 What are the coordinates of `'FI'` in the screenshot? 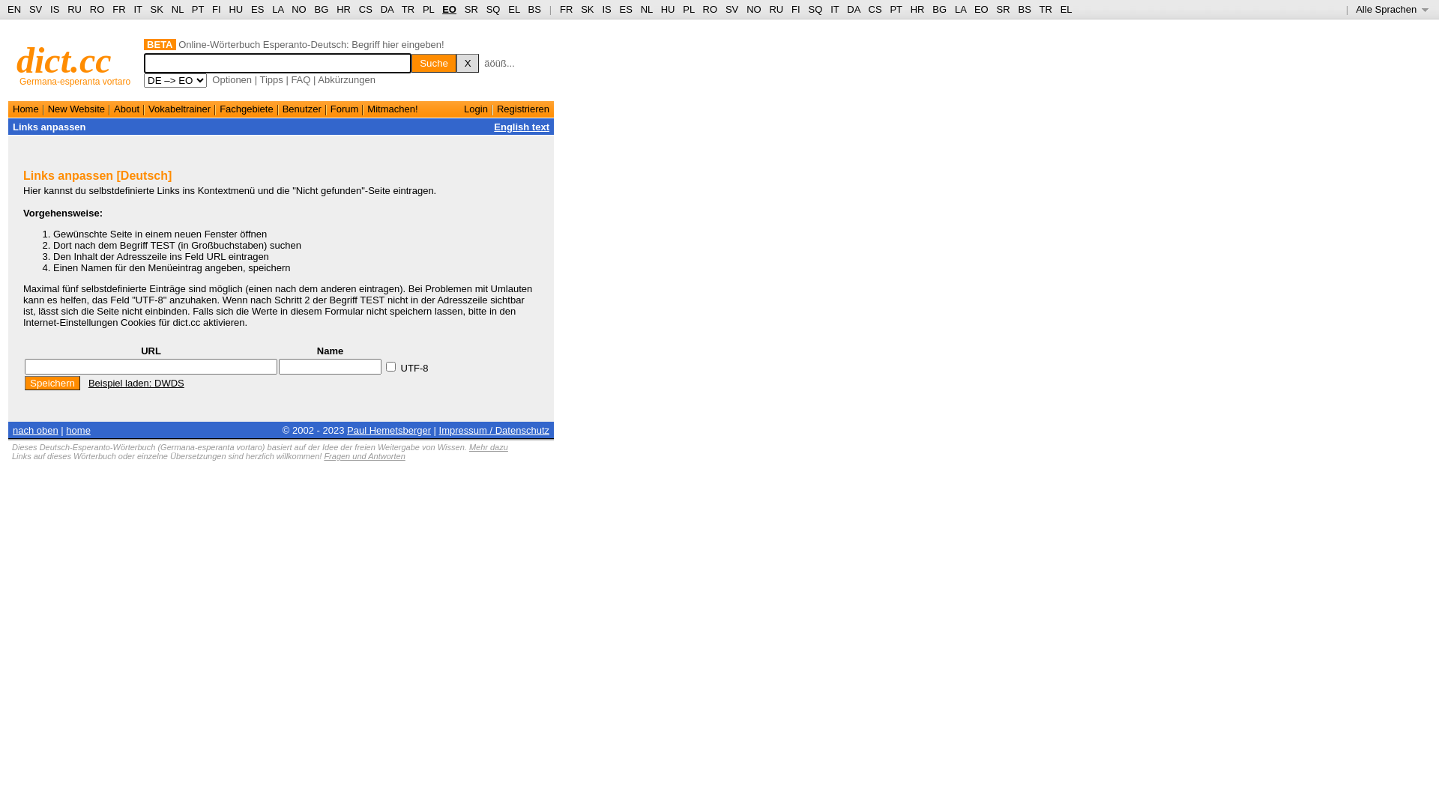 It's located at (791, 9).